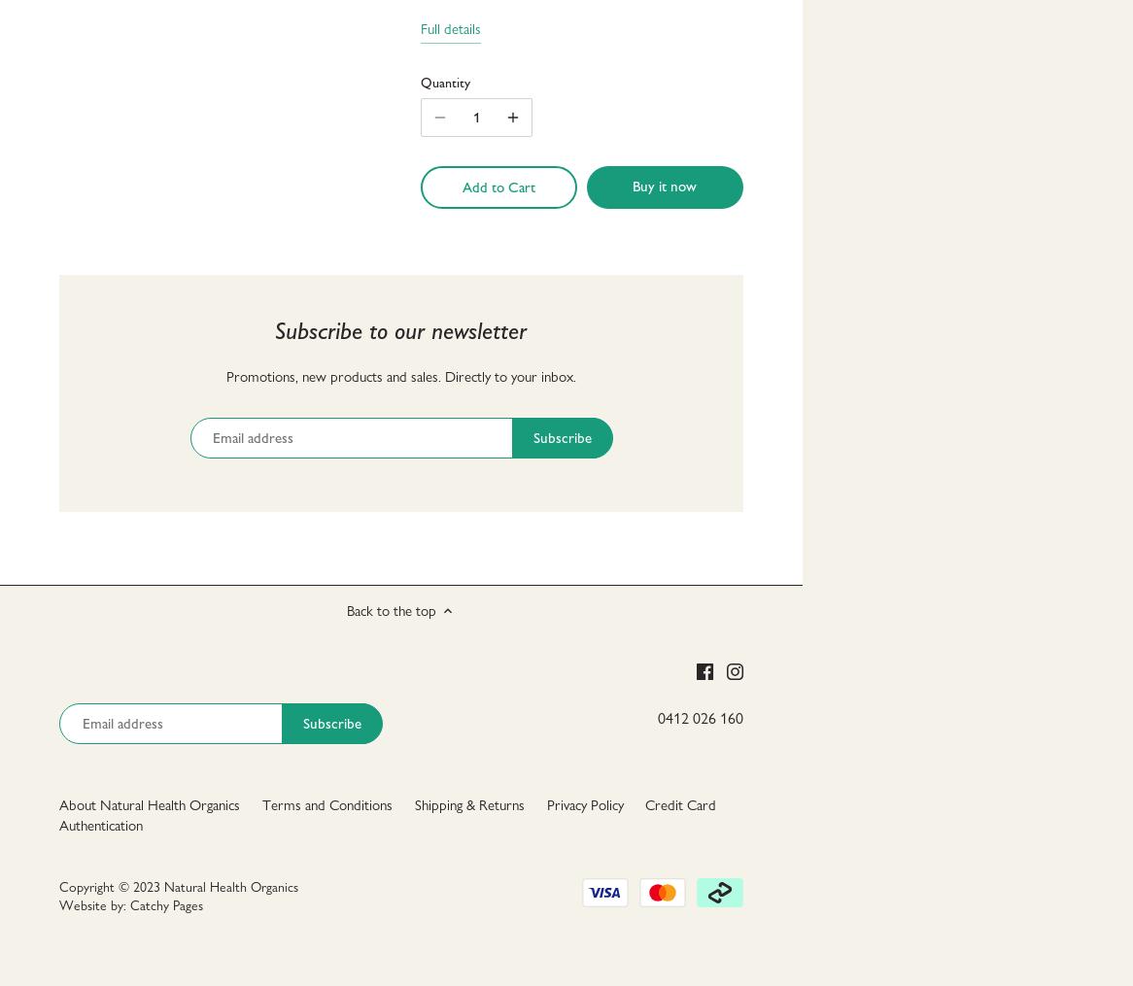 The height and width of the screenshot is (986, 1133). I want to click on 'Subscribe to our newsletter', so click(399, 329).